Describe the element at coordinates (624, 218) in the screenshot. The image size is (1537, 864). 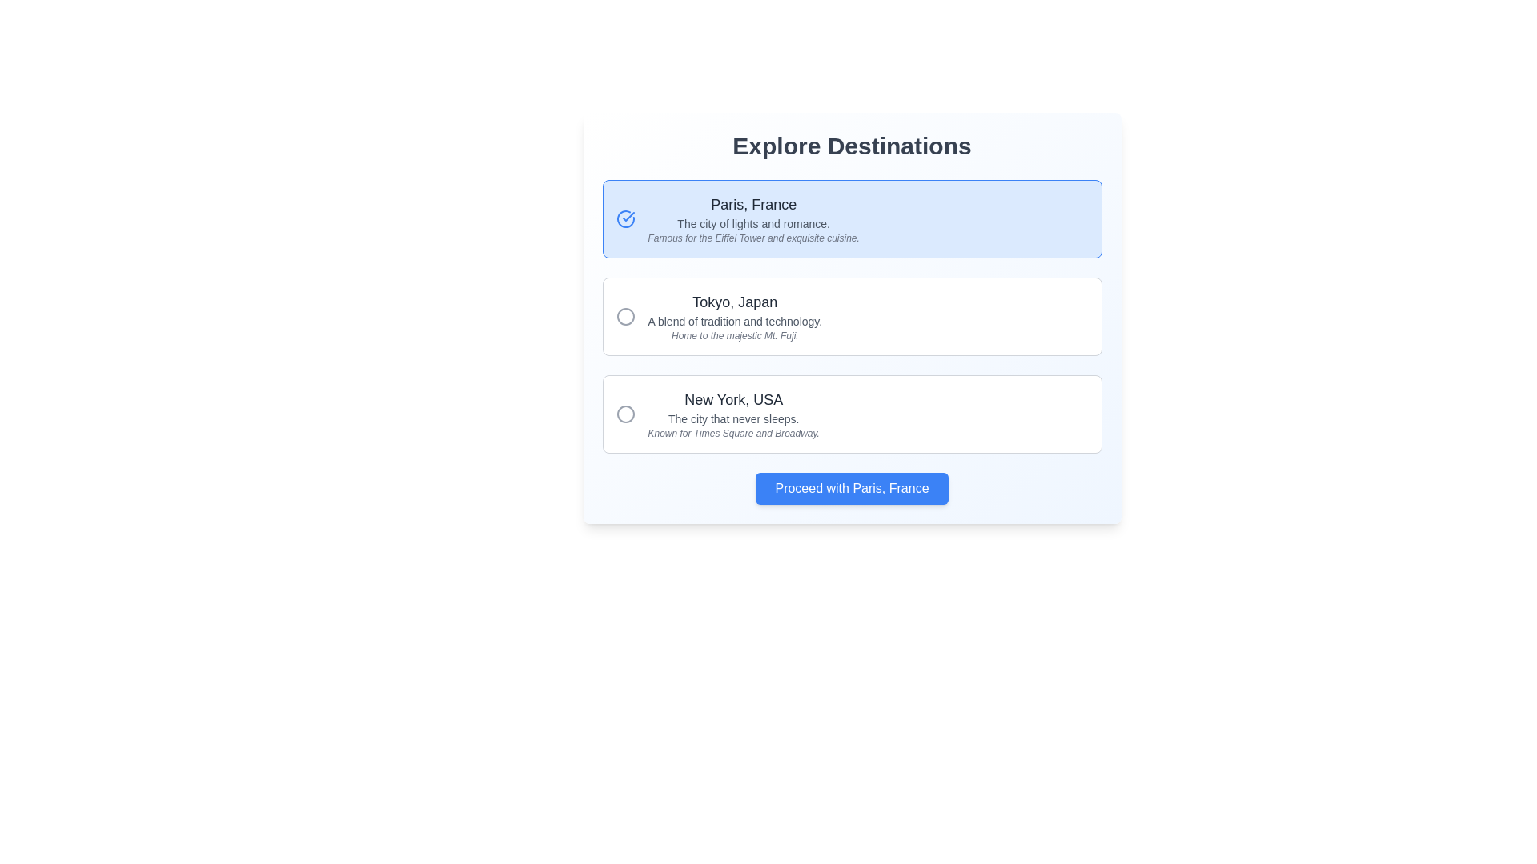
I see `the indicator icon located at the top-left of the card containing the text 'Paris, France: The city of lights and romance.'` at that location.